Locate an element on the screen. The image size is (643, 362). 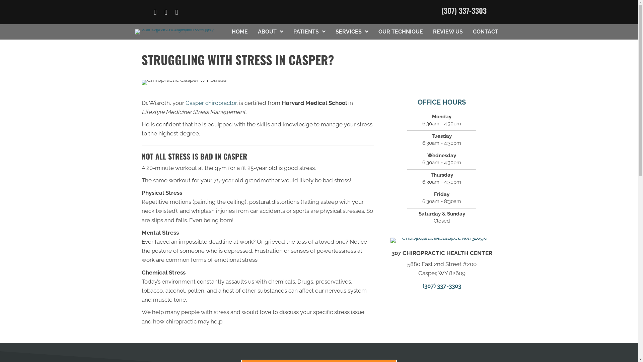
'OUR TECHNIQUE' is located at coordinates (401, 32).